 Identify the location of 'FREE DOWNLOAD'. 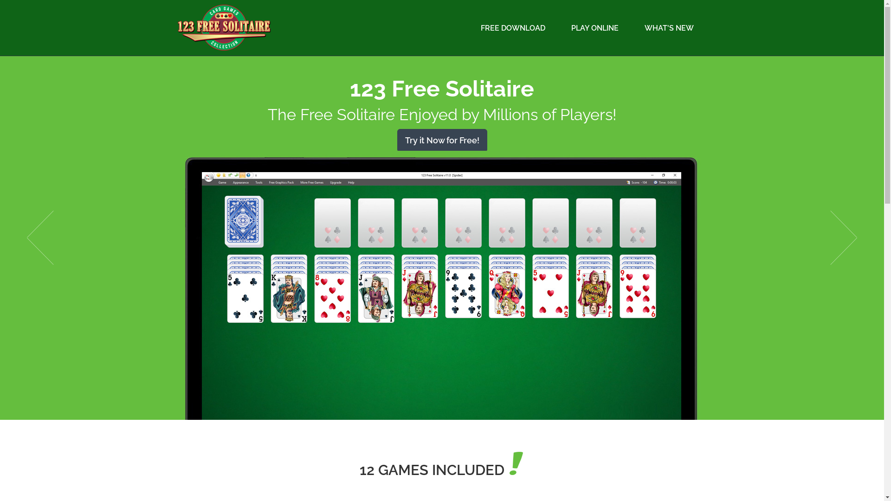
(512, 27).